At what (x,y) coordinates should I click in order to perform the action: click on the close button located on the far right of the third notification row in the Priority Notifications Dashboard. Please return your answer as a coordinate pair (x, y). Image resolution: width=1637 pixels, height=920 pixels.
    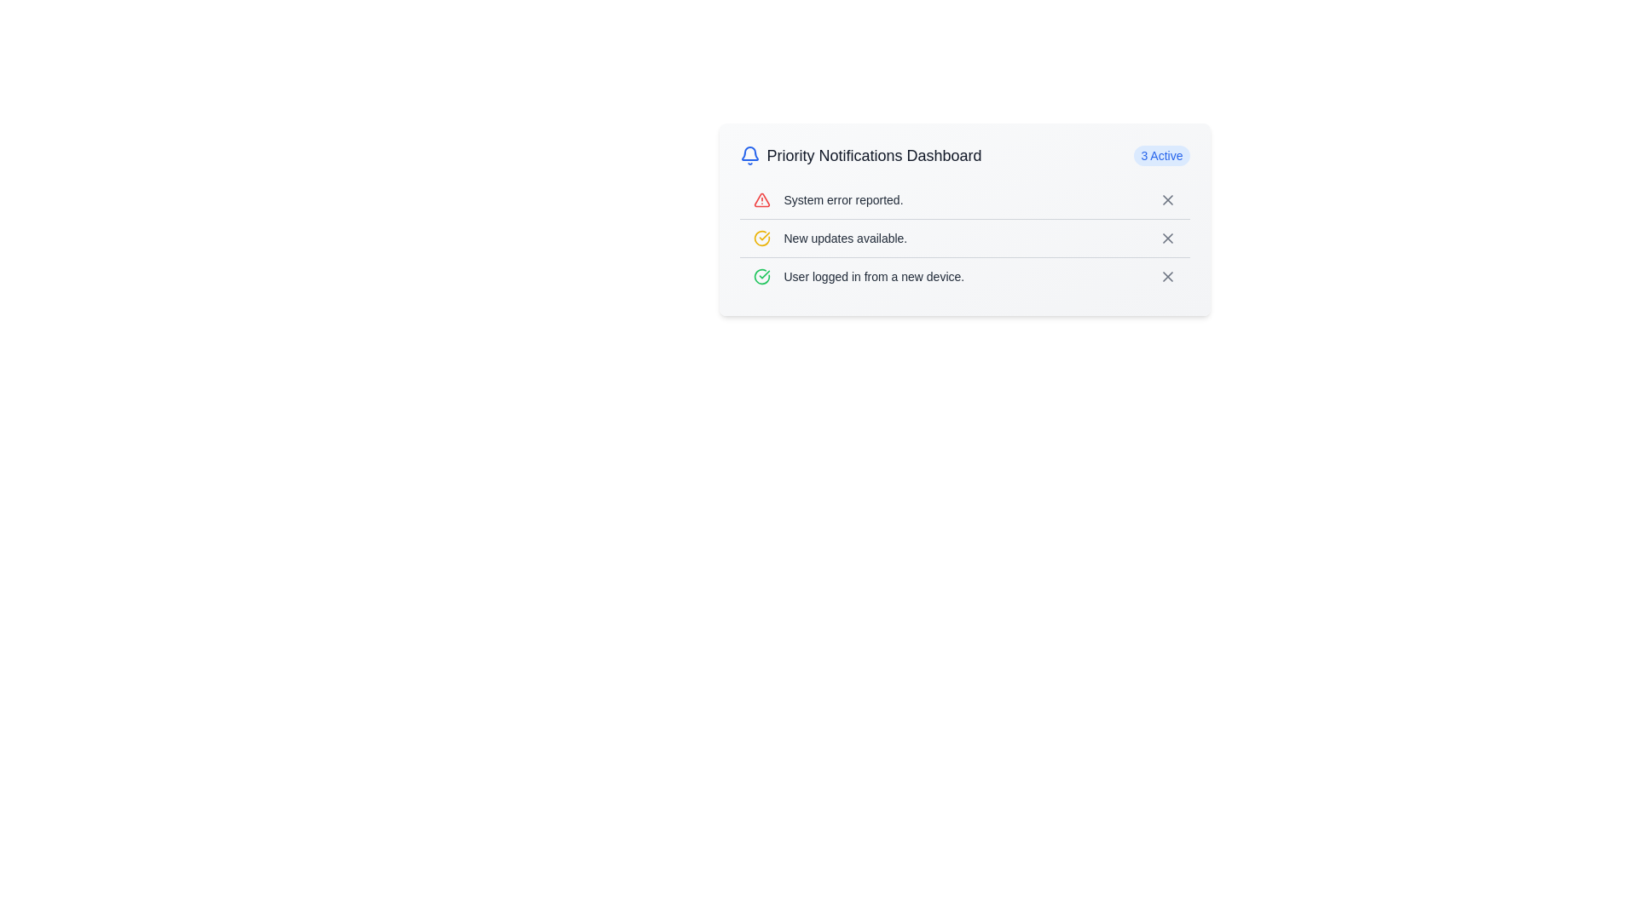
    Looking at the image, I should click on (1166, 275).